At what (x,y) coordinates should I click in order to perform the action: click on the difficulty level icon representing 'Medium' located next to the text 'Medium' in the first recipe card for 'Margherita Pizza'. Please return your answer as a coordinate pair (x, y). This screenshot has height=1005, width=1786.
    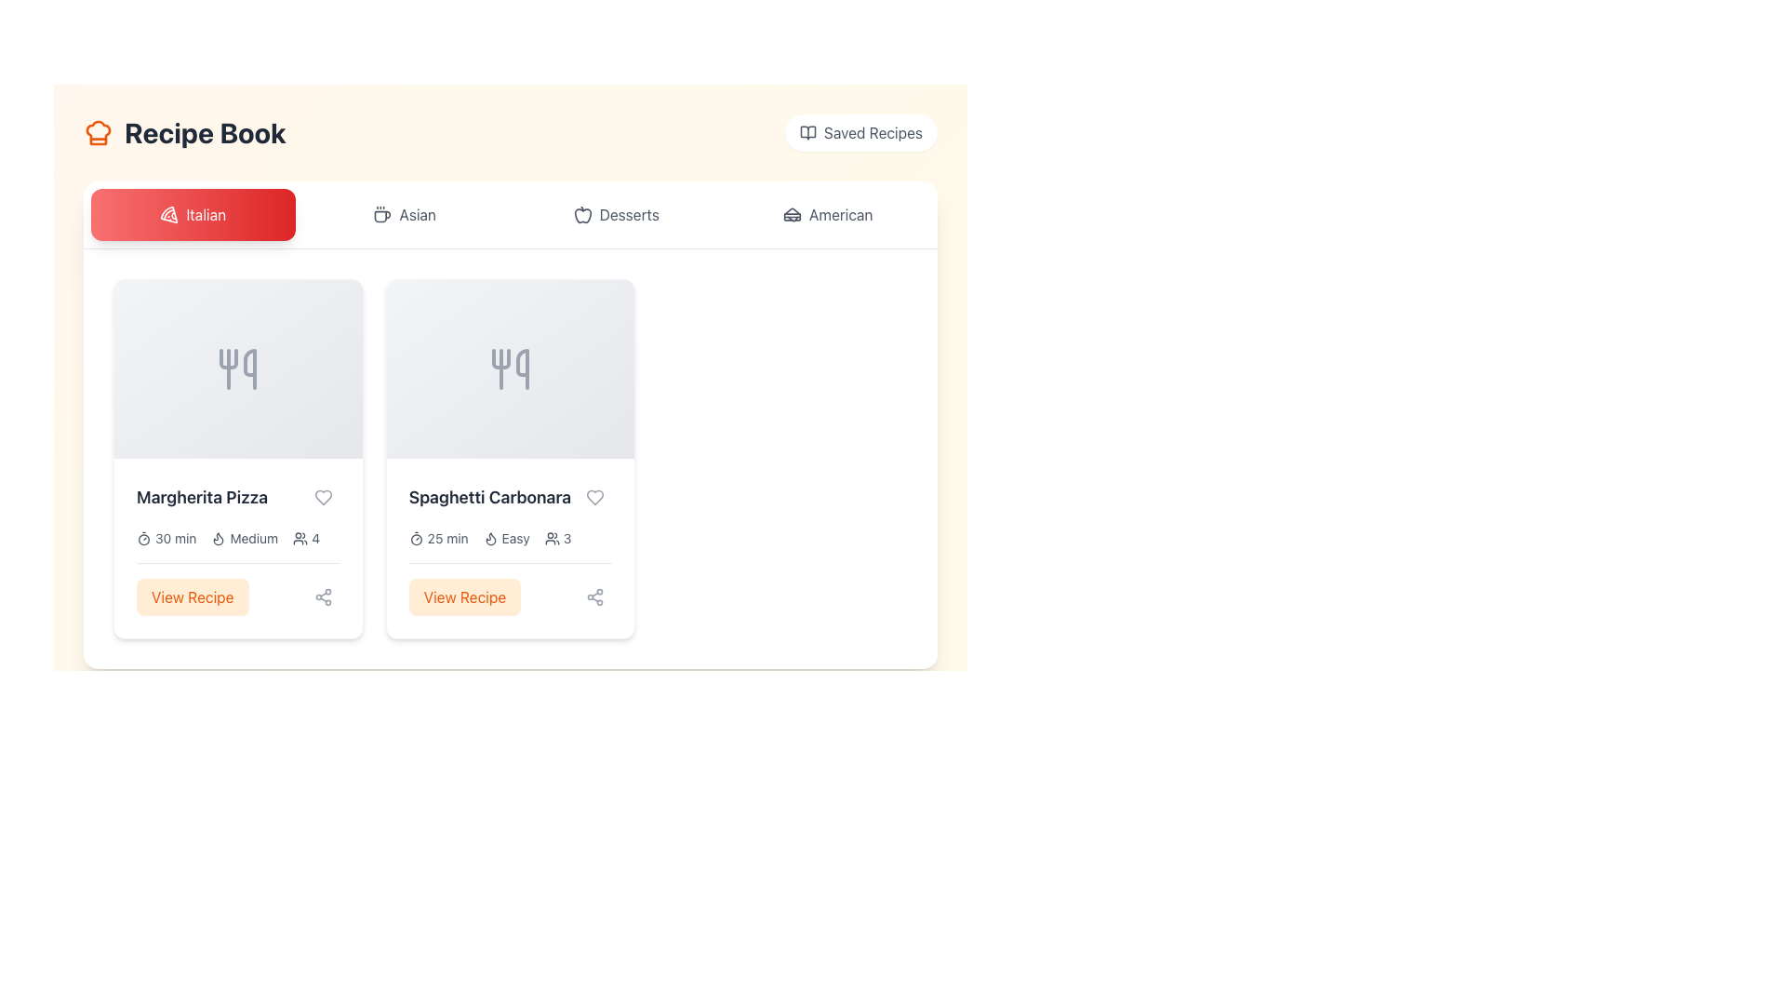
    Looking at the image, I should click on (219, 538).